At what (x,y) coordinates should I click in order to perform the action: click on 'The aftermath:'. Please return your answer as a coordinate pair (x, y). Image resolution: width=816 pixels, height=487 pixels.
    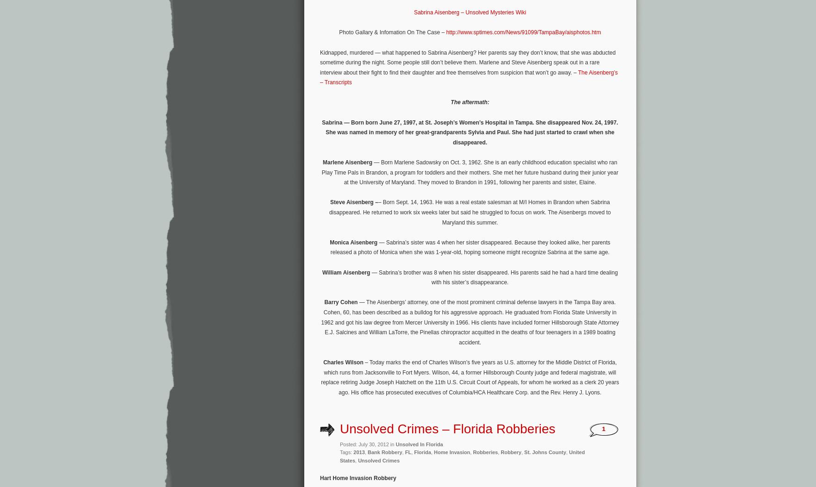
    Looking at the image, I should click on (450, 102).